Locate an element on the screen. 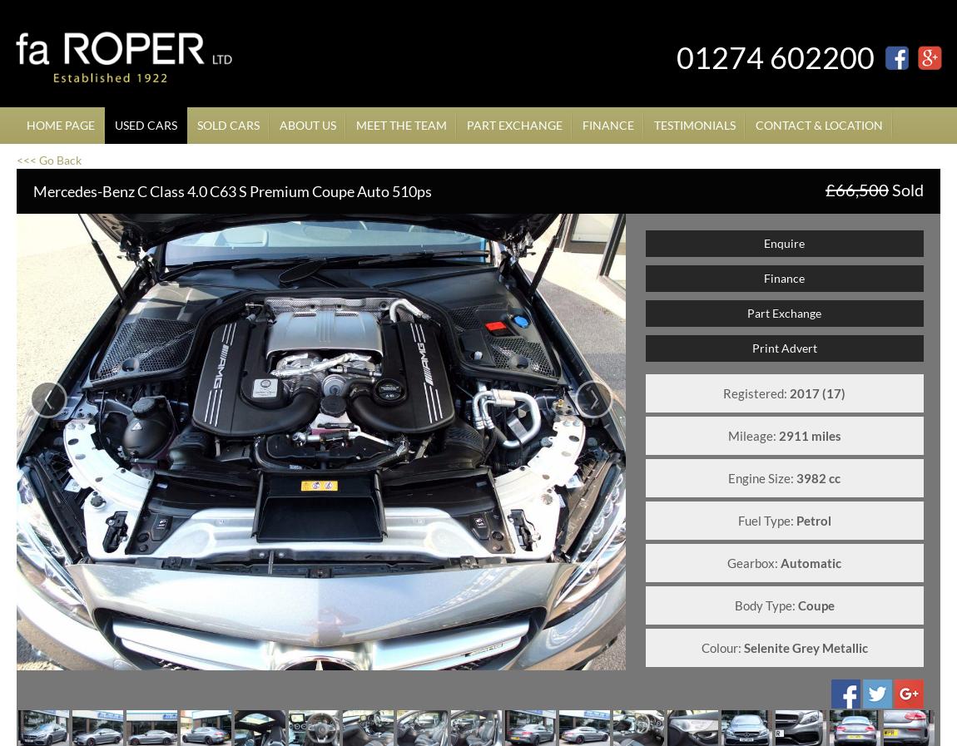 This screenshot has height=746, width=957. 'Sold Cars' is located at coordinates (227, 124).